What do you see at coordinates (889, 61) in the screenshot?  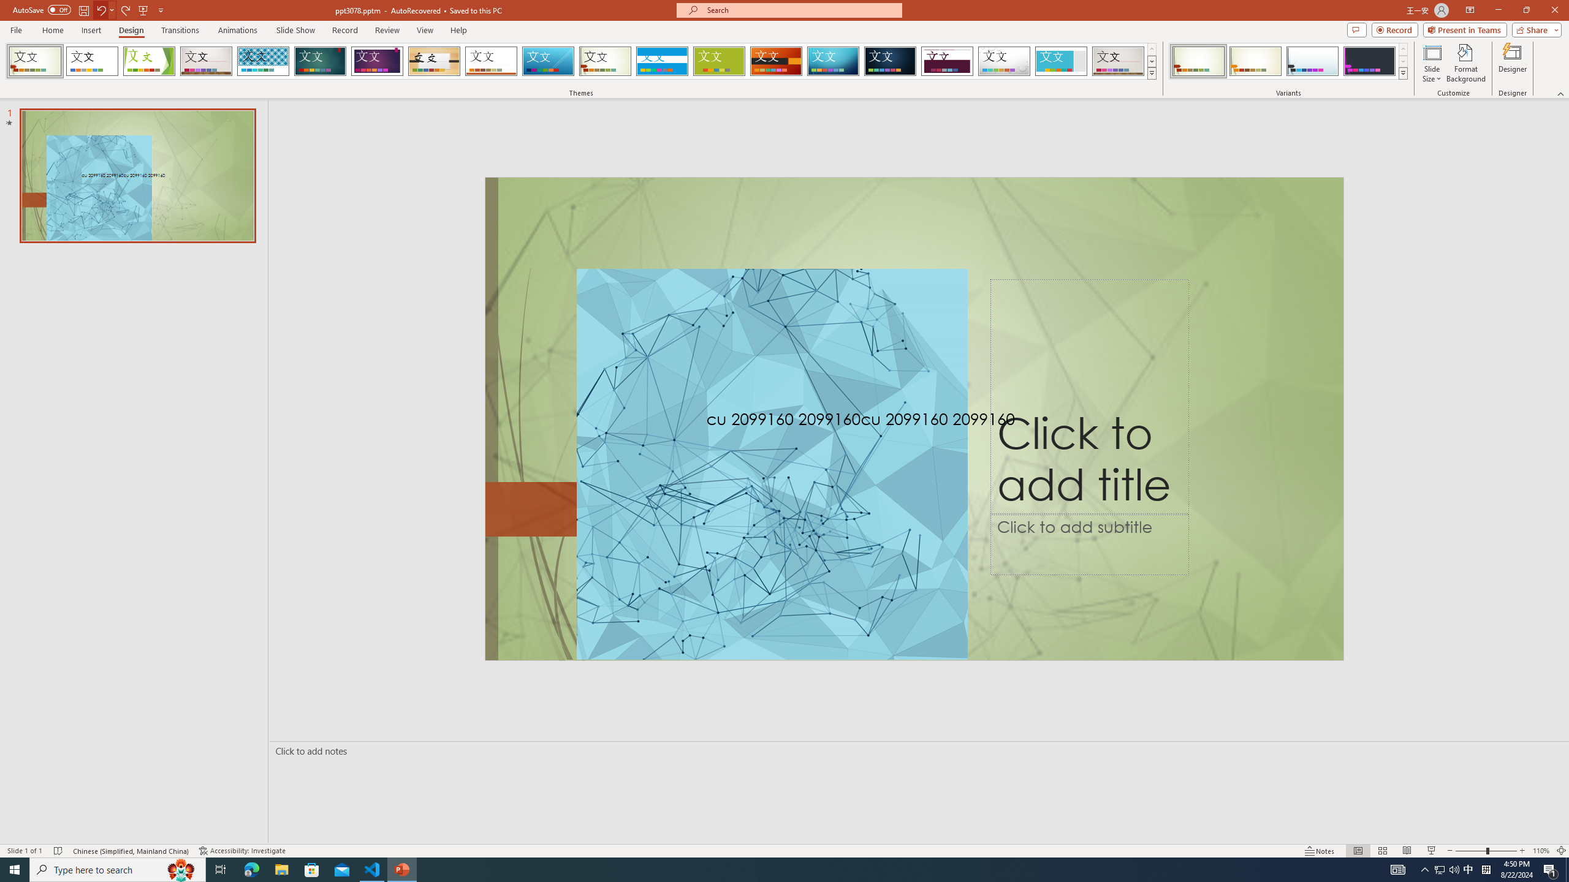 I see `'Damask'` at bounding box center [889, 61].